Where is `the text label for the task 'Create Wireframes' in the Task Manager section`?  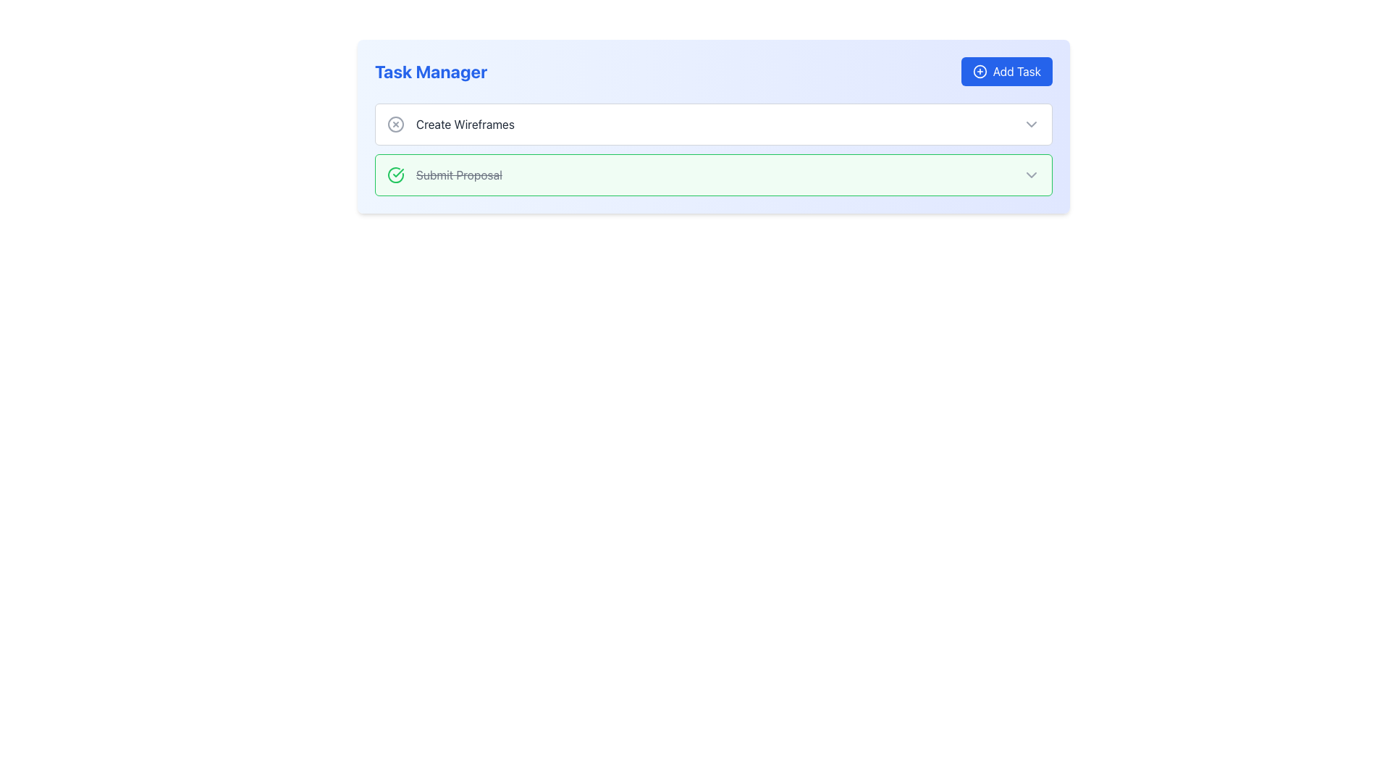
the text label for the task 'Create Wireframes' in the Task Manager section is located at coordinates (450, 124).